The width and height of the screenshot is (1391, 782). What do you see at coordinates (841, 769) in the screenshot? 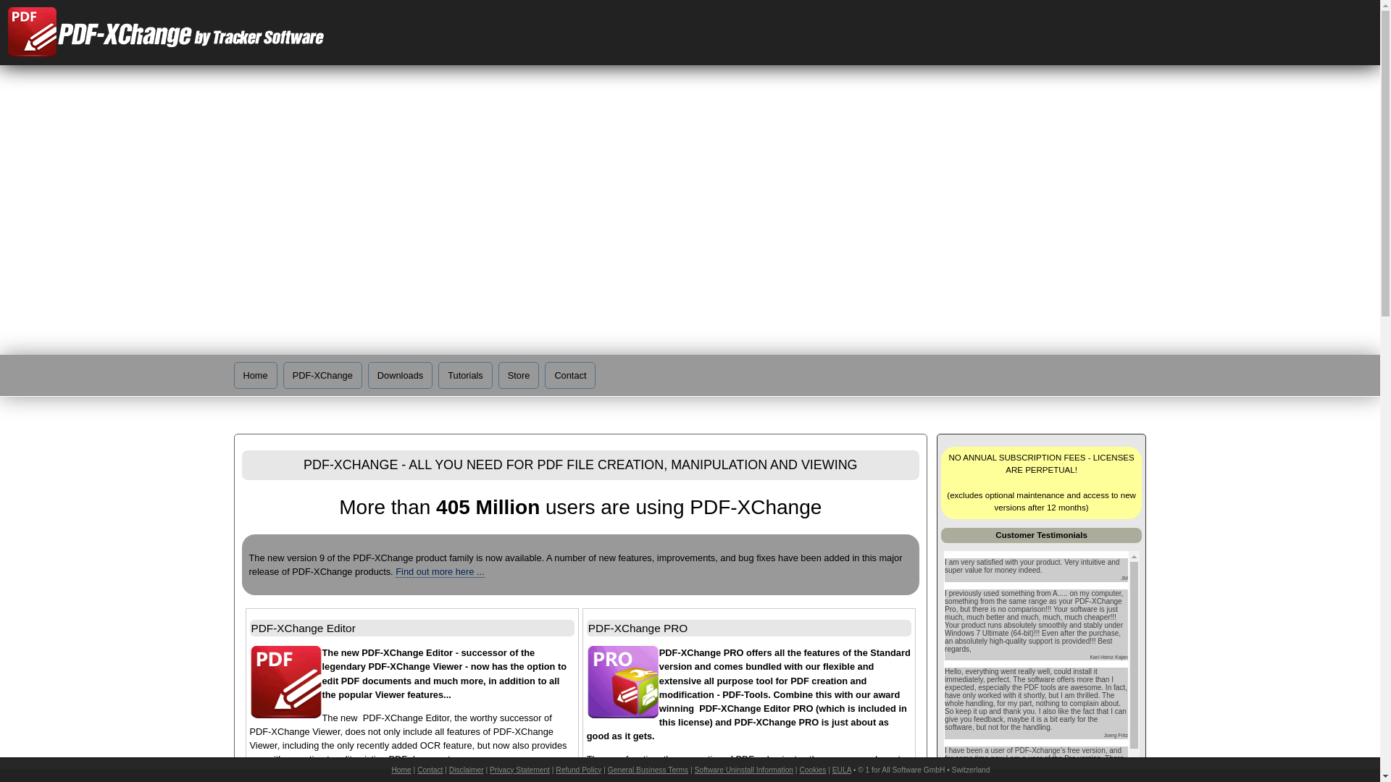
I see `'EULA'` at bounding box center [841, 769].